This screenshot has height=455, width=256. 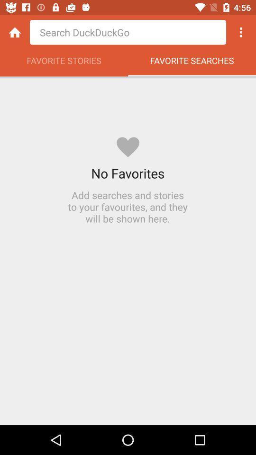 I want to click on the item next to the favorite stories item, so click(x=192, y=63).